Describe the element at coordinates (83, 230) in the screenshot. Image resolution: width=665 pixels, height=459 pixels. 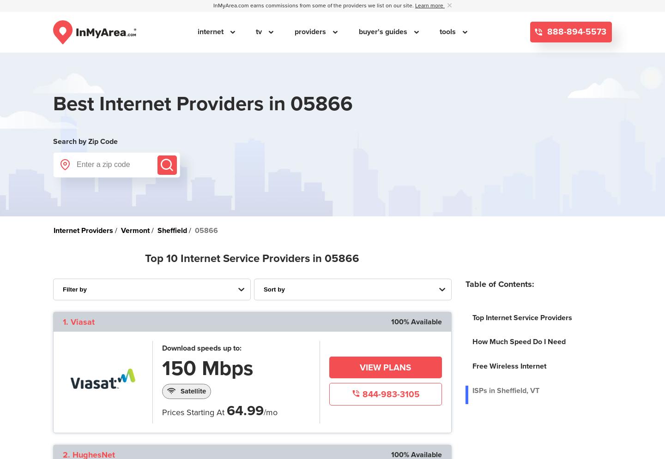
I see `'Internet Providers'` at that location.